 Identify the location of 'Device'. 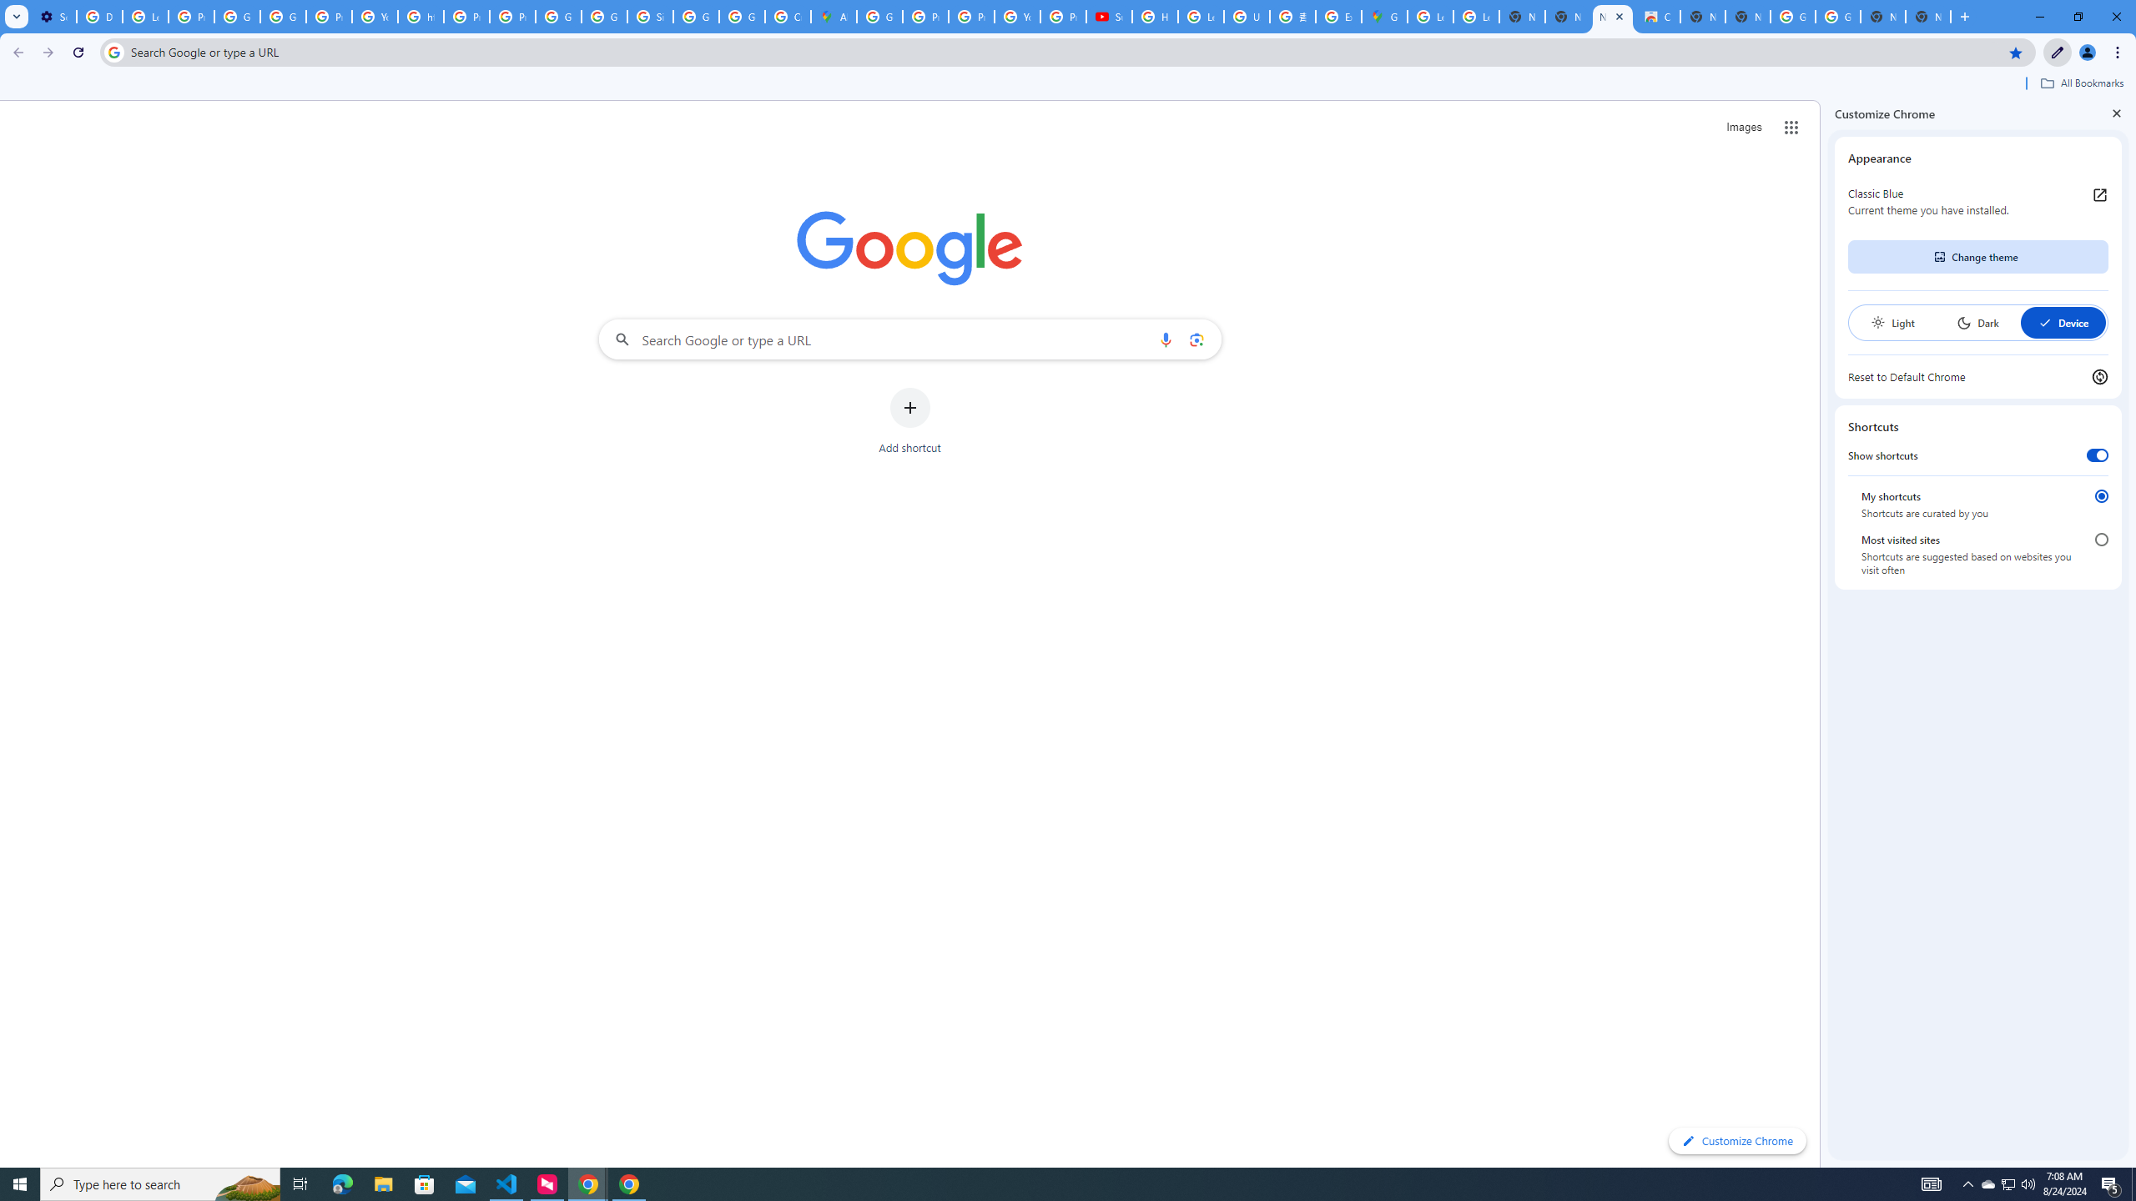
(2062, 322).